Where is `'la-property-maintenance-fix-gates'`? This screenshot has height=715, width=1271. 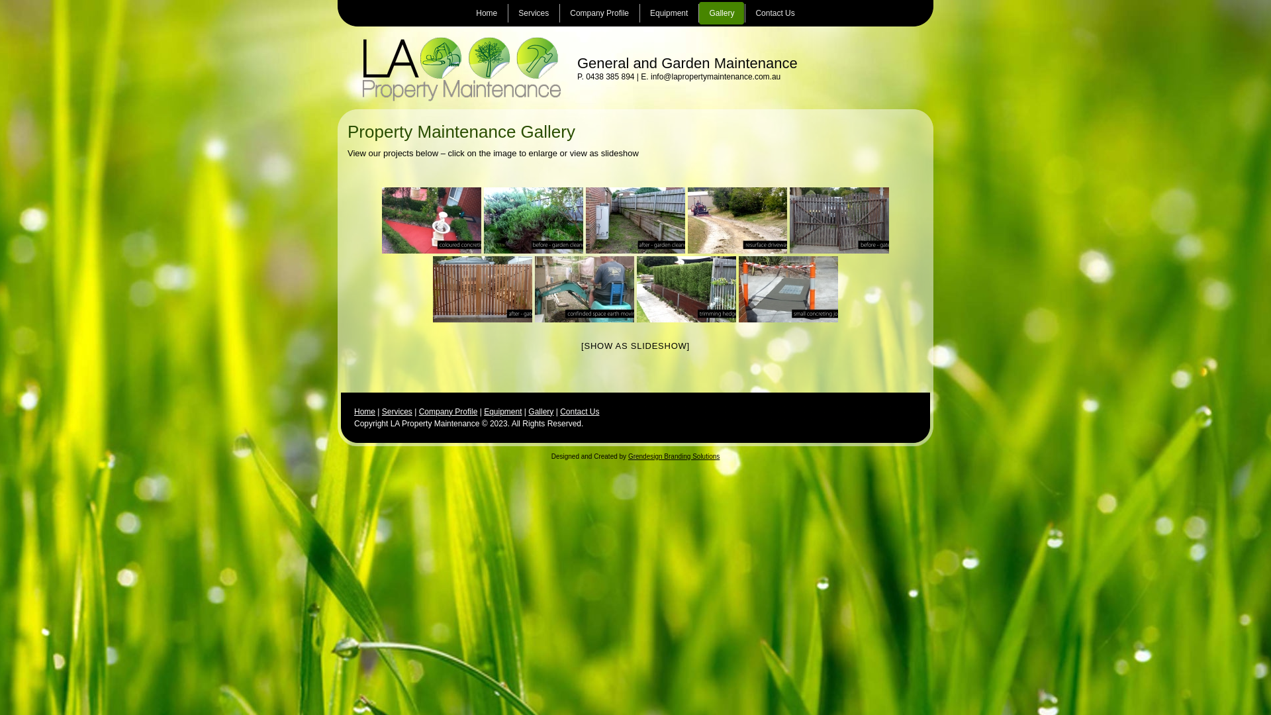
'la-property-maintenance-fix-gates' is located at coordinates (838, 219).